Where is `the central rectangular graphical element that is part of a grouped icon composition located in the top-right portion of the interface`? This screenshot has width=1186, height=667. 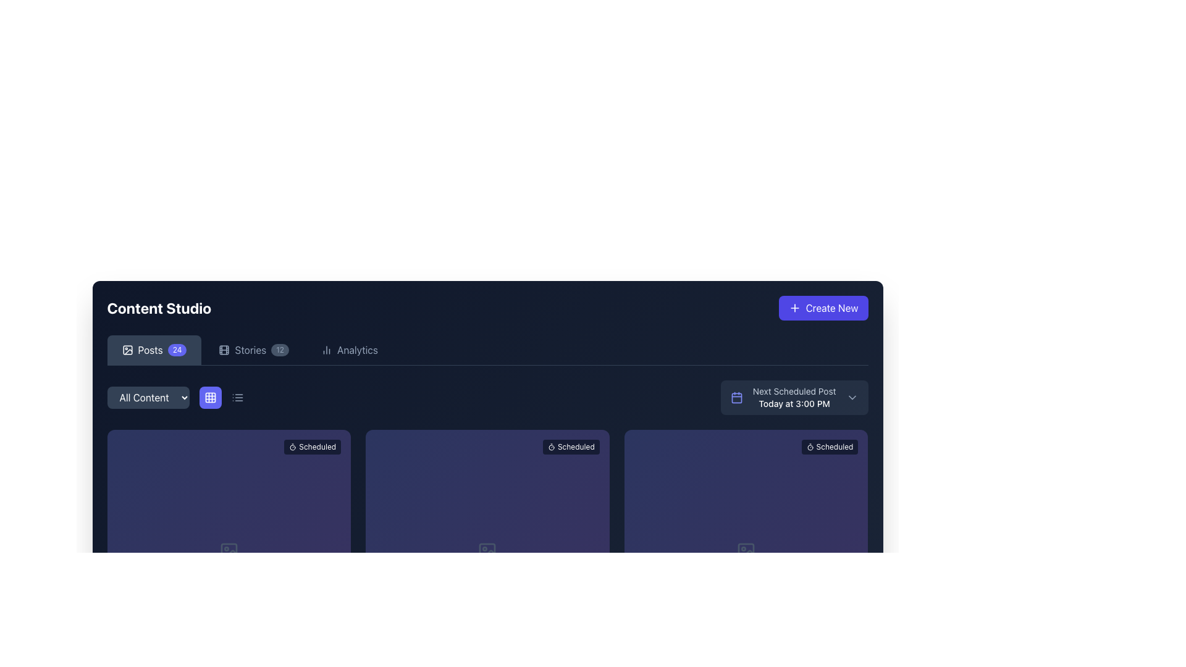 the central rectangular graphical element that is part of a grouped icon composition located in the top-right portion of the interface is located at coordinates (224, 350).